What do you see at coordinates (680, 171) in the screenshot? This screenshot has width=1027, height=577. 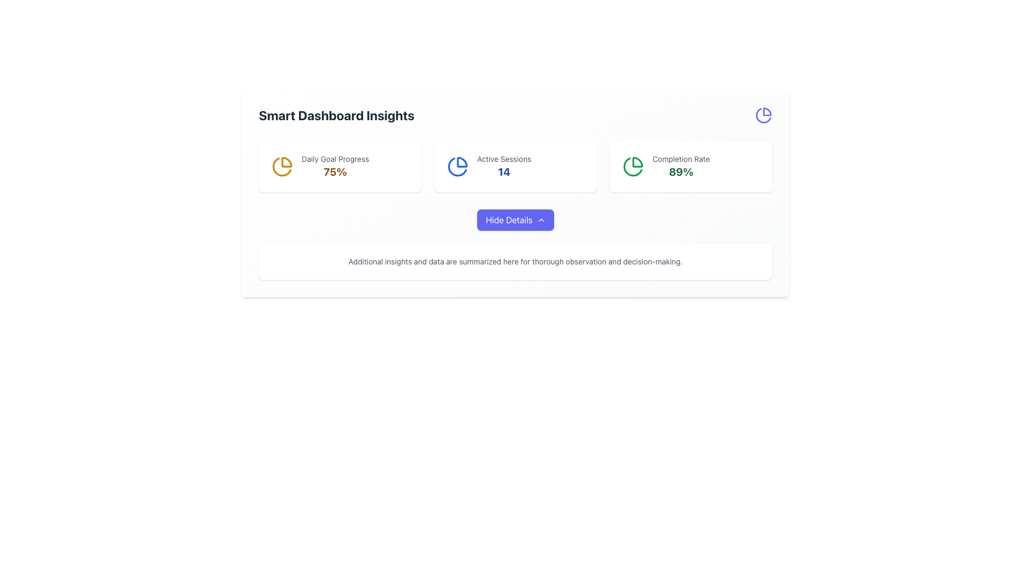 I see `numerical percentage text indicating the completion rate located in the third summary card from the left, directly below the 'Completion Rate' label` at bounding box center [680, 171].